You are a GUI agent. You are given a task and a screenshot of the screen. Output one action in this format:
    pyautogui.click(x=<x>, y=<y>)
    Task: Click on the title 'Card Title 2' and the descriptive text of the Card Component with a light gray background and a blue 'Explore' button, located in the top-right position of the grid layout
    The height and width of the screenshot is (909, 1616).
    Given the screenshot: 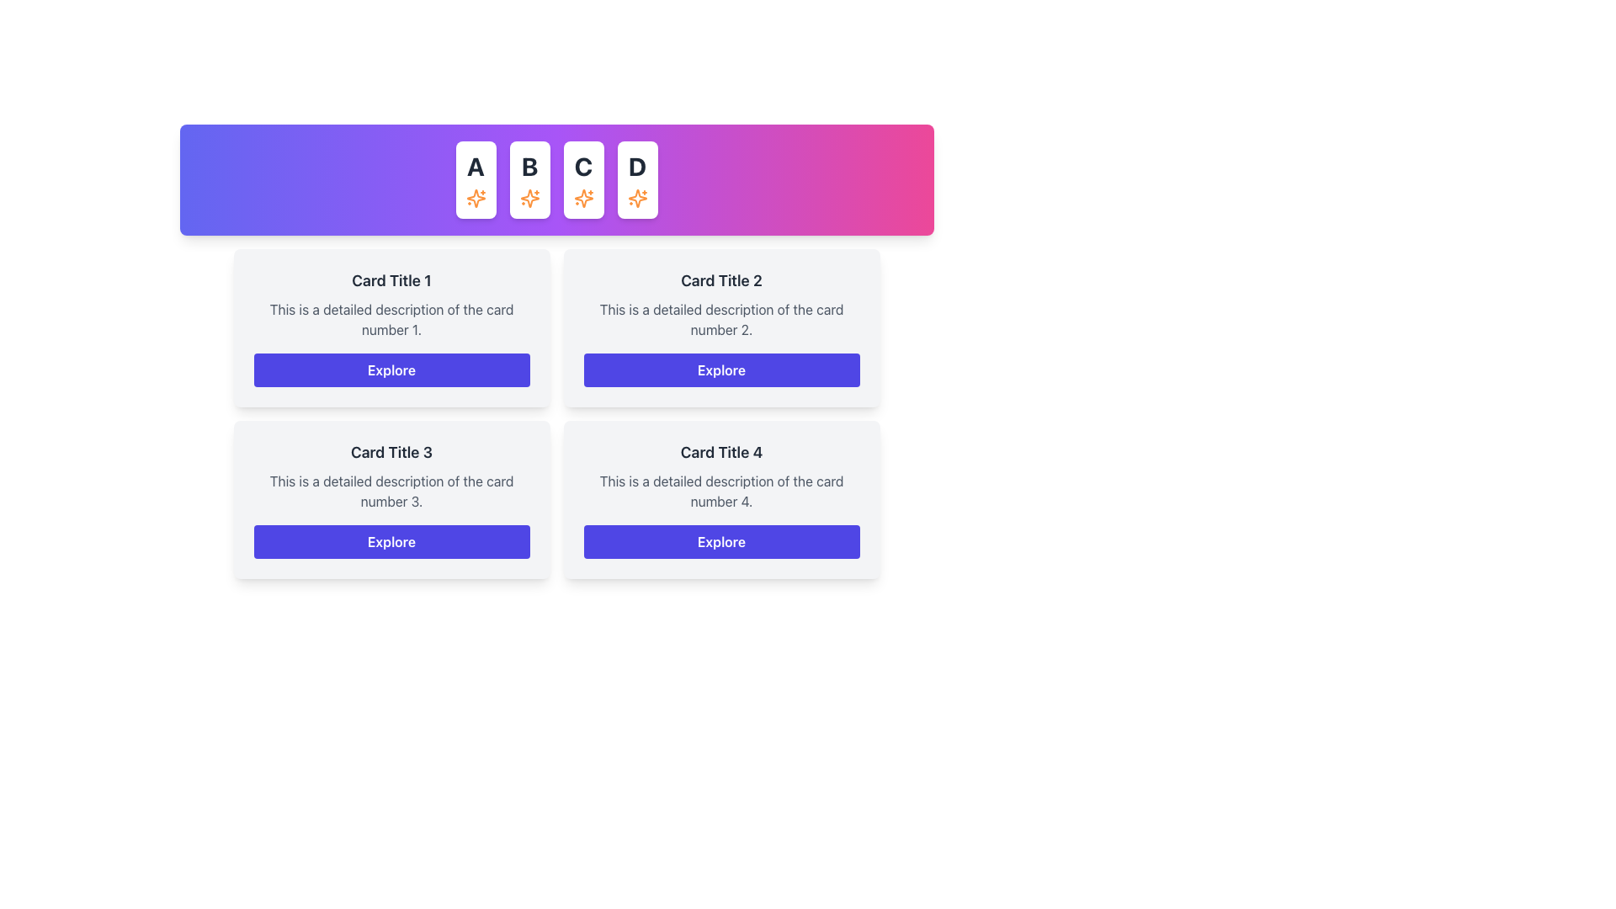 What is the action you would take?
    pyautogui.click(x=721, y=327)
    